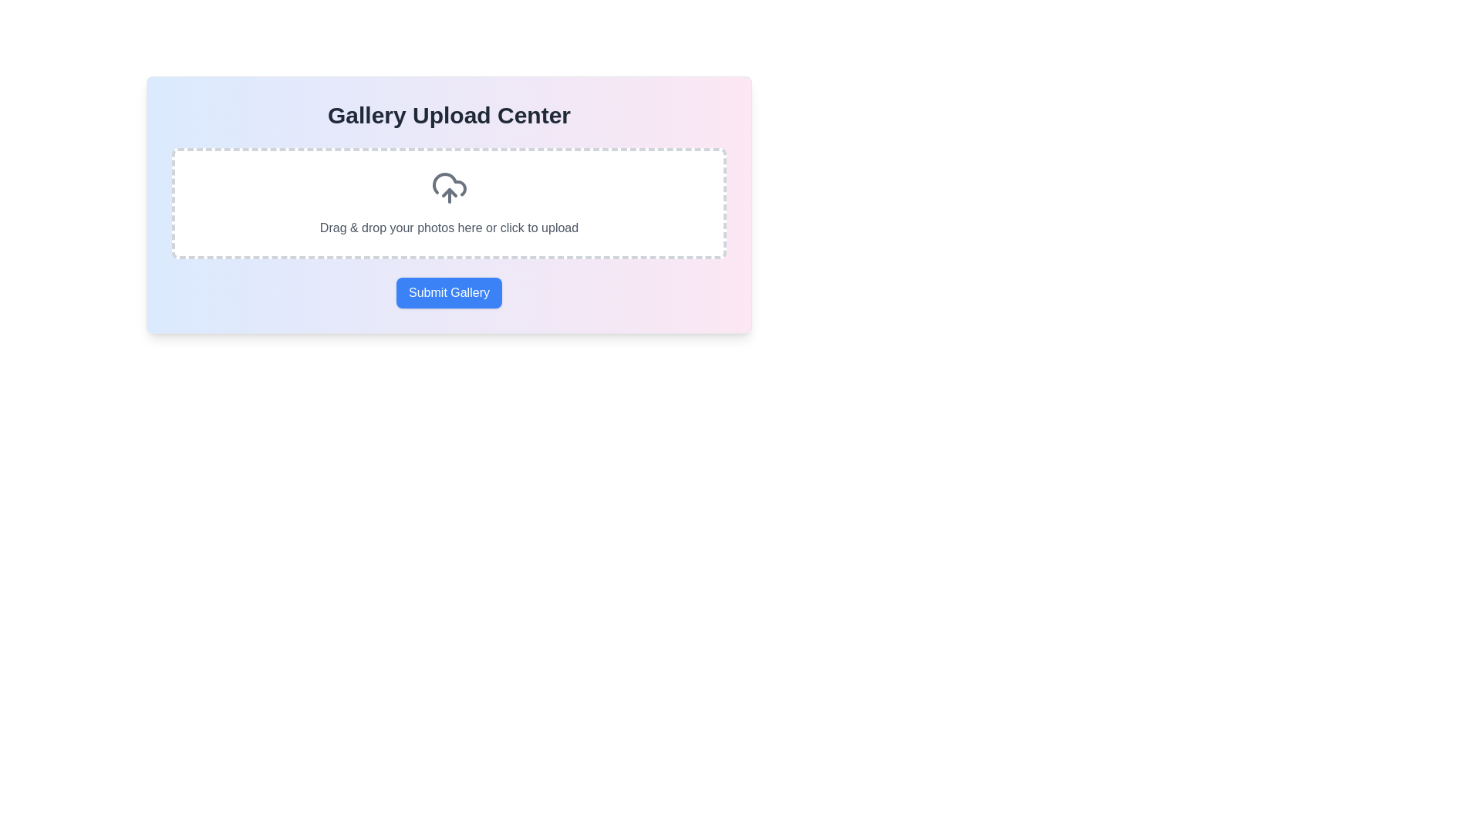 This screenshot has width=1481, height=833. I want to click on the Decorative Graphic Component, which represents the uploading action within the cloud upload symbol, located at the center of the cloud icon graphic, so click(448, 192).